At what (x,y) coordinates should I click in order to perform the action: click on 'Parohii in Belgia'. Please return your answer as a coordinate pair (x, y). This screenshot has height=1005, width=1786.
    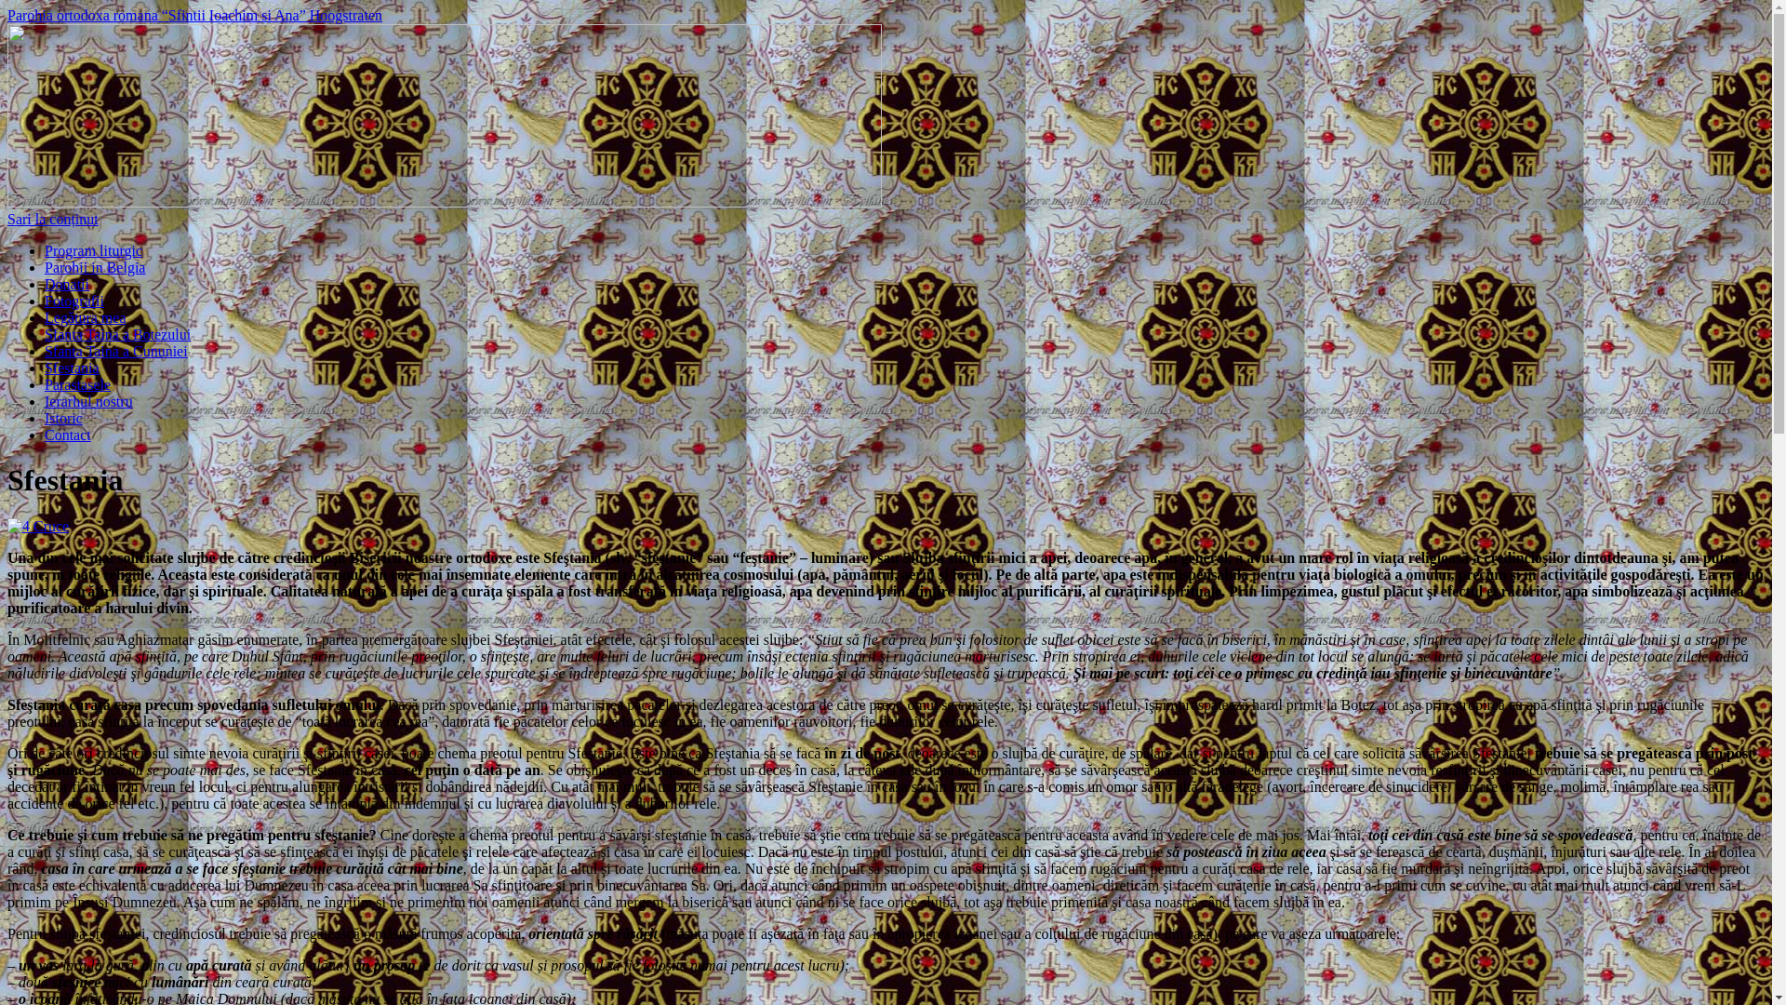
    Looking at the image, I should click on (93, 267).